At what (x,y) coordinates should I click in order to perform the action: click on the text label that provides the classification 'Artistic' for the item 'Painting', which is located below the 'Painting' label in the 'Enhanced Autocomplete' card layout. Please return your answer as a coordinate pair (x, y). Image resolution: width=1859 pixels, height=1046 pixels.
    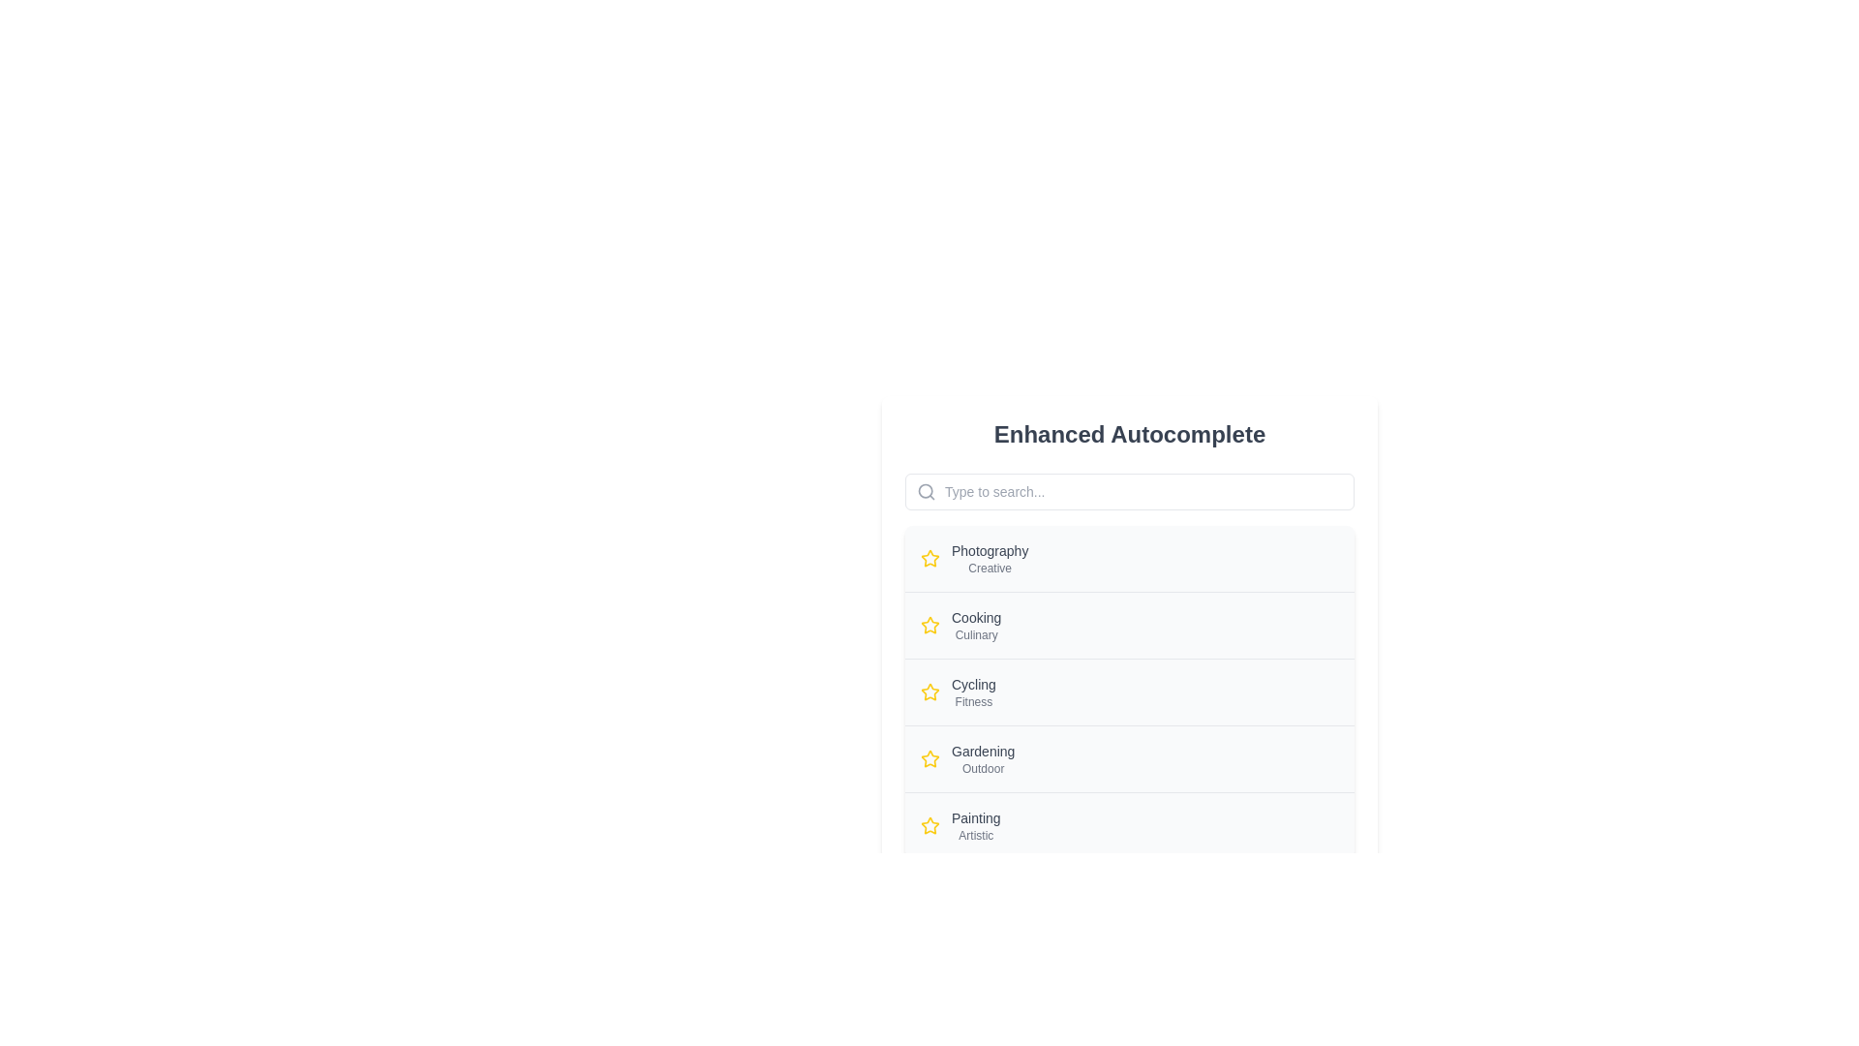
    Looking at the image, I should click on (976, 835).